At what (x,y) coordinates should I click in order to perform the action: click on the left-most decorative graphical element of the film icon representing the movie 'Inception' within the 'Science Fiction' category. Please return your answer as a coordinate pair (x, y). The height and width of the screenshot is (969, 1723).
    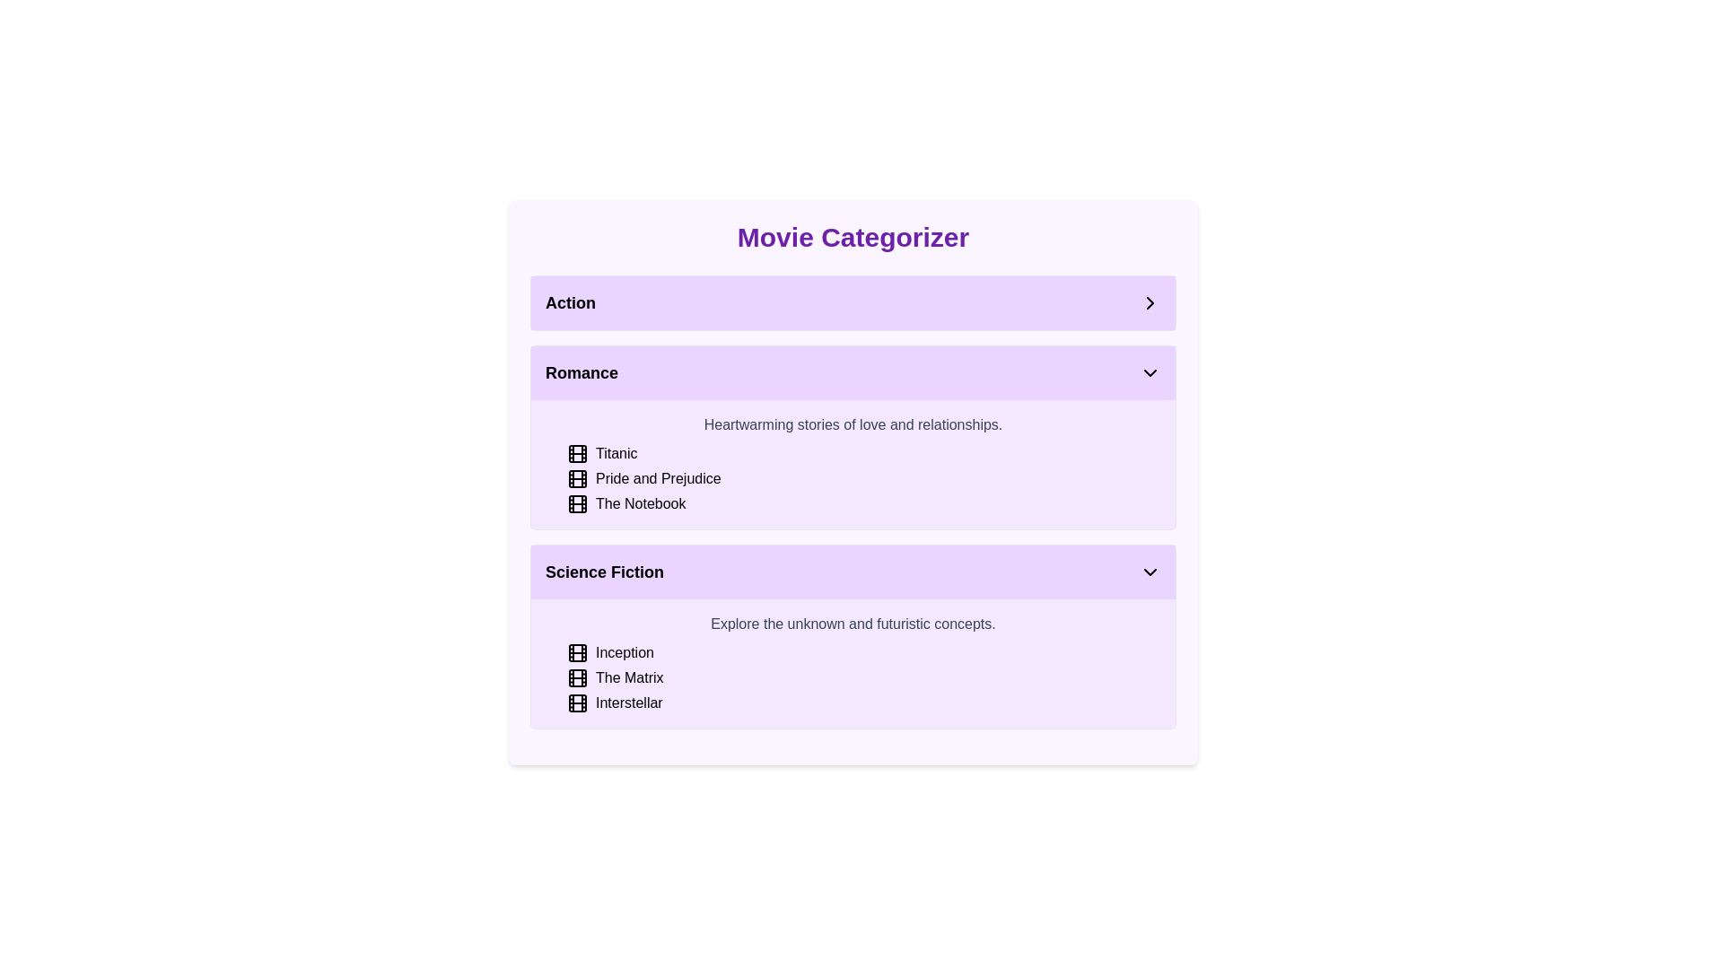
    Looking at the image, I should click on (577, 653).